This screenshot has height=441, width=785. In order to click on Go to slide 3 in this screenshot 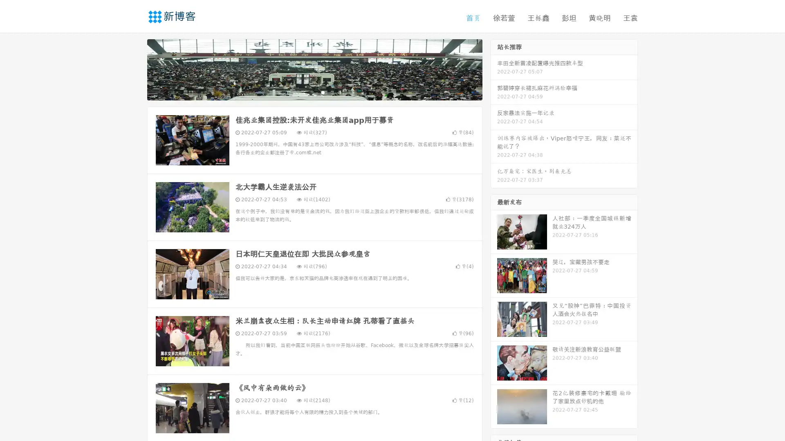, I will do `click(323, 92)`.